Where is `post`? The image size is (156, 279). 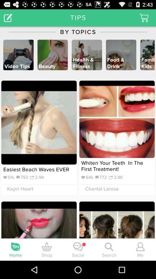 post is located at coordinates (8, 17).